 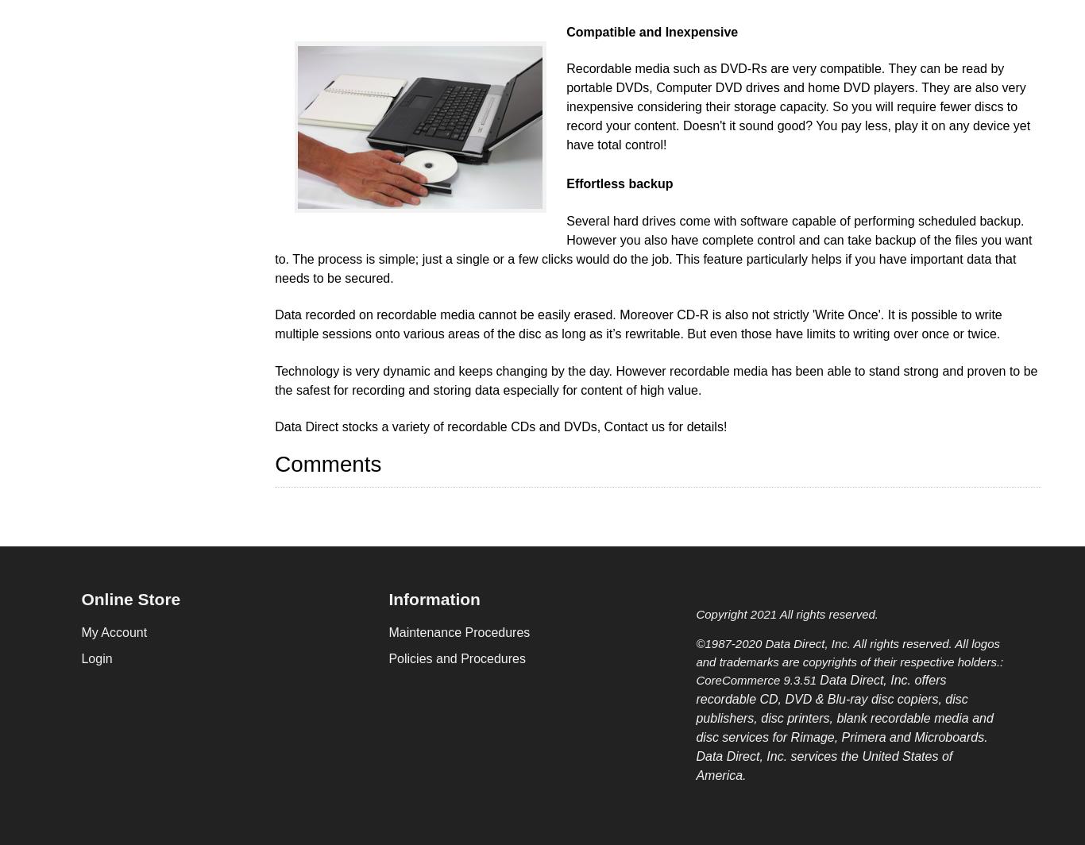 What do you see at coordinates (695, 426) in the screenshot?
I see `'for details!'` at bounding box center [695, 426].